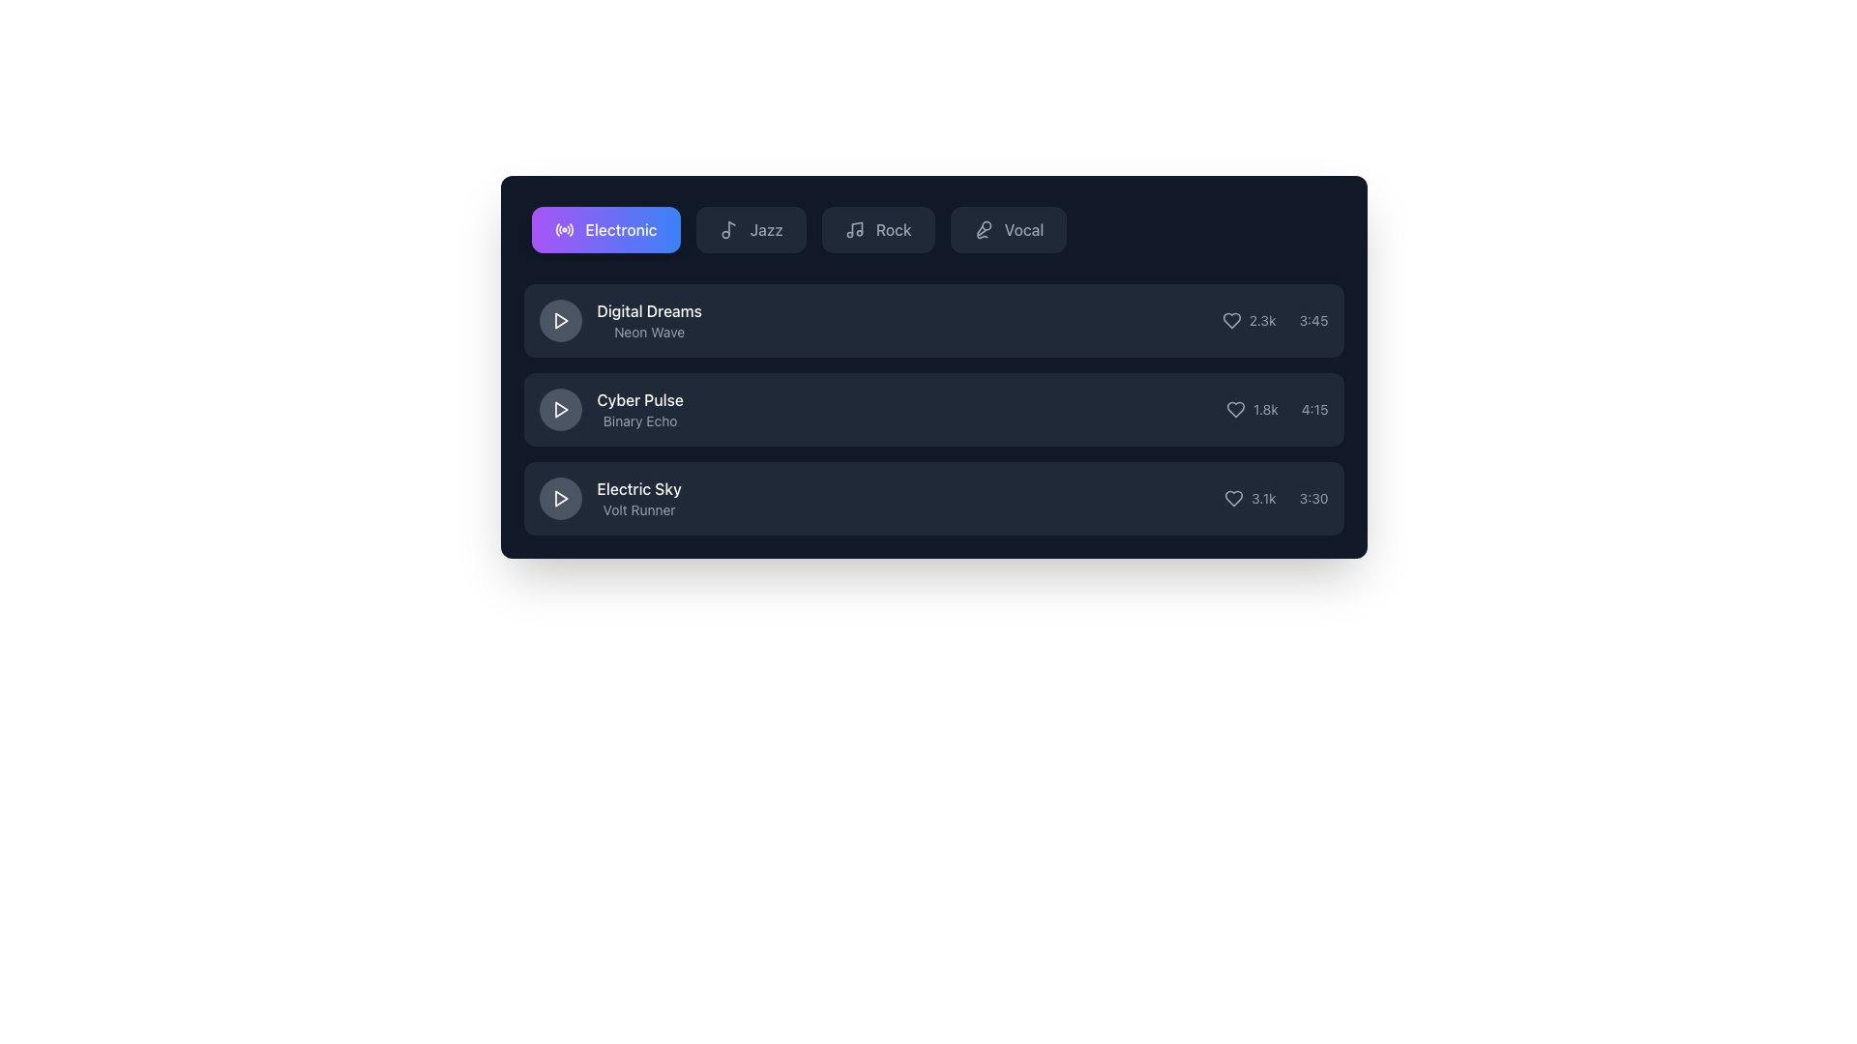 The image size is (1857, 1044). Describe the element at coordinates (1234, 409) in the screenshot. I see `the heart-shaped icon outlined in gray that is adjacent to the numeric label '1.8k', part of the song details for 'Cyber Pulse'` at that location.